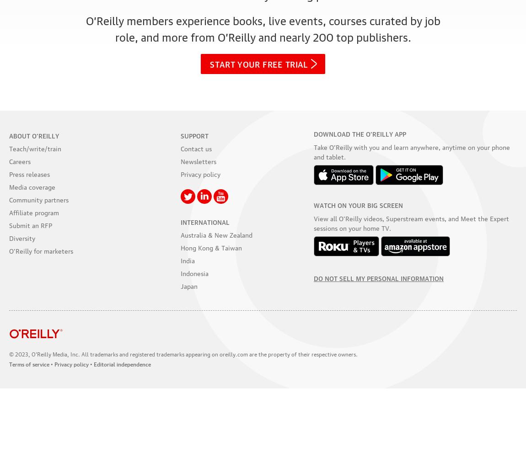  Describe the element at coordinates (29, 173) in the screenshot. I see `'Press releases'` at that location.